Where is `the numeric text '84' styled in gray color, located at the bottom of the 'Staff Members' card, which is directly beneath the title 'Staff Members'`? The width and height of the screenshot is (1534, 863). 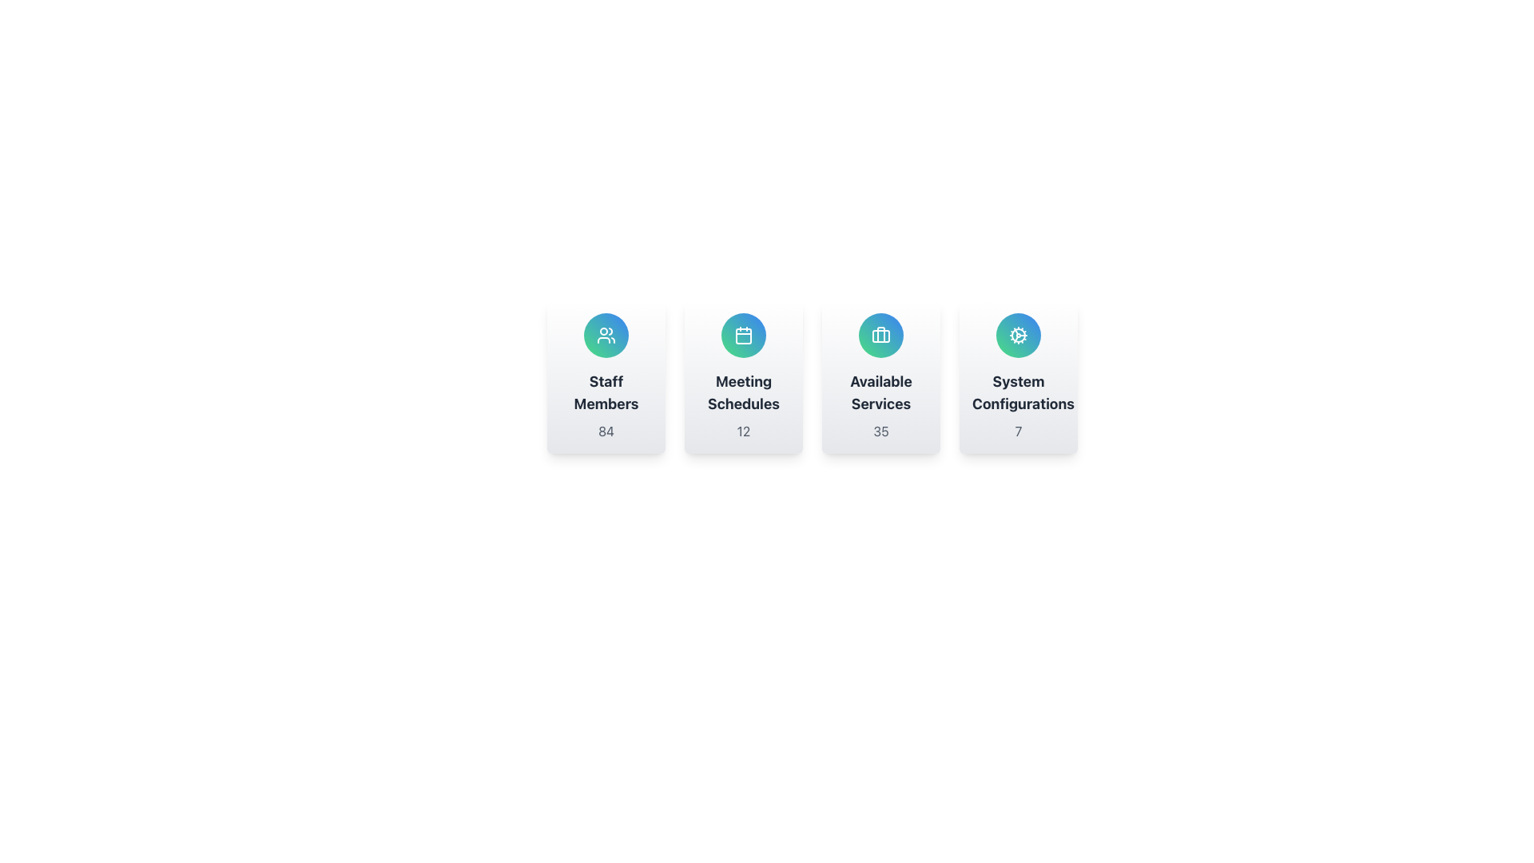 the numeric text '84' styled in gray color, located at the bottom of the 'Staff Members' card, which is directly beneath the title 'Staff Members' is located at coordinates (605, 431).